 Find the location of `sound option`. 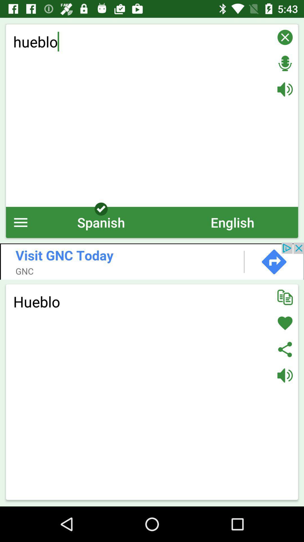

sound option is located at coordinates (285, 89).